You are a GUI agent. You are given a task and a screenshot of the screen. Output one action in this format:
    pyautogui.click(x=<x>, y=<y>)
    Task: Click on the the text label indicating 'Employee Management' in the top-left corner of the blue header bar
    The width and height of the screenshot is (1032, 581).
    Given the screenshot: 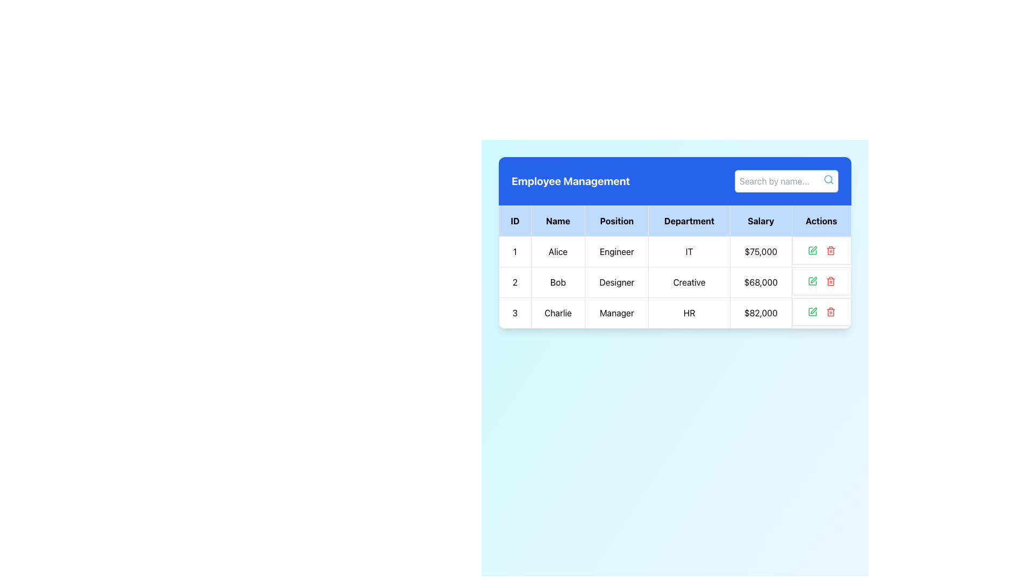 What is the action you would take?
    pyautogui.click(x=570, y=180)
    